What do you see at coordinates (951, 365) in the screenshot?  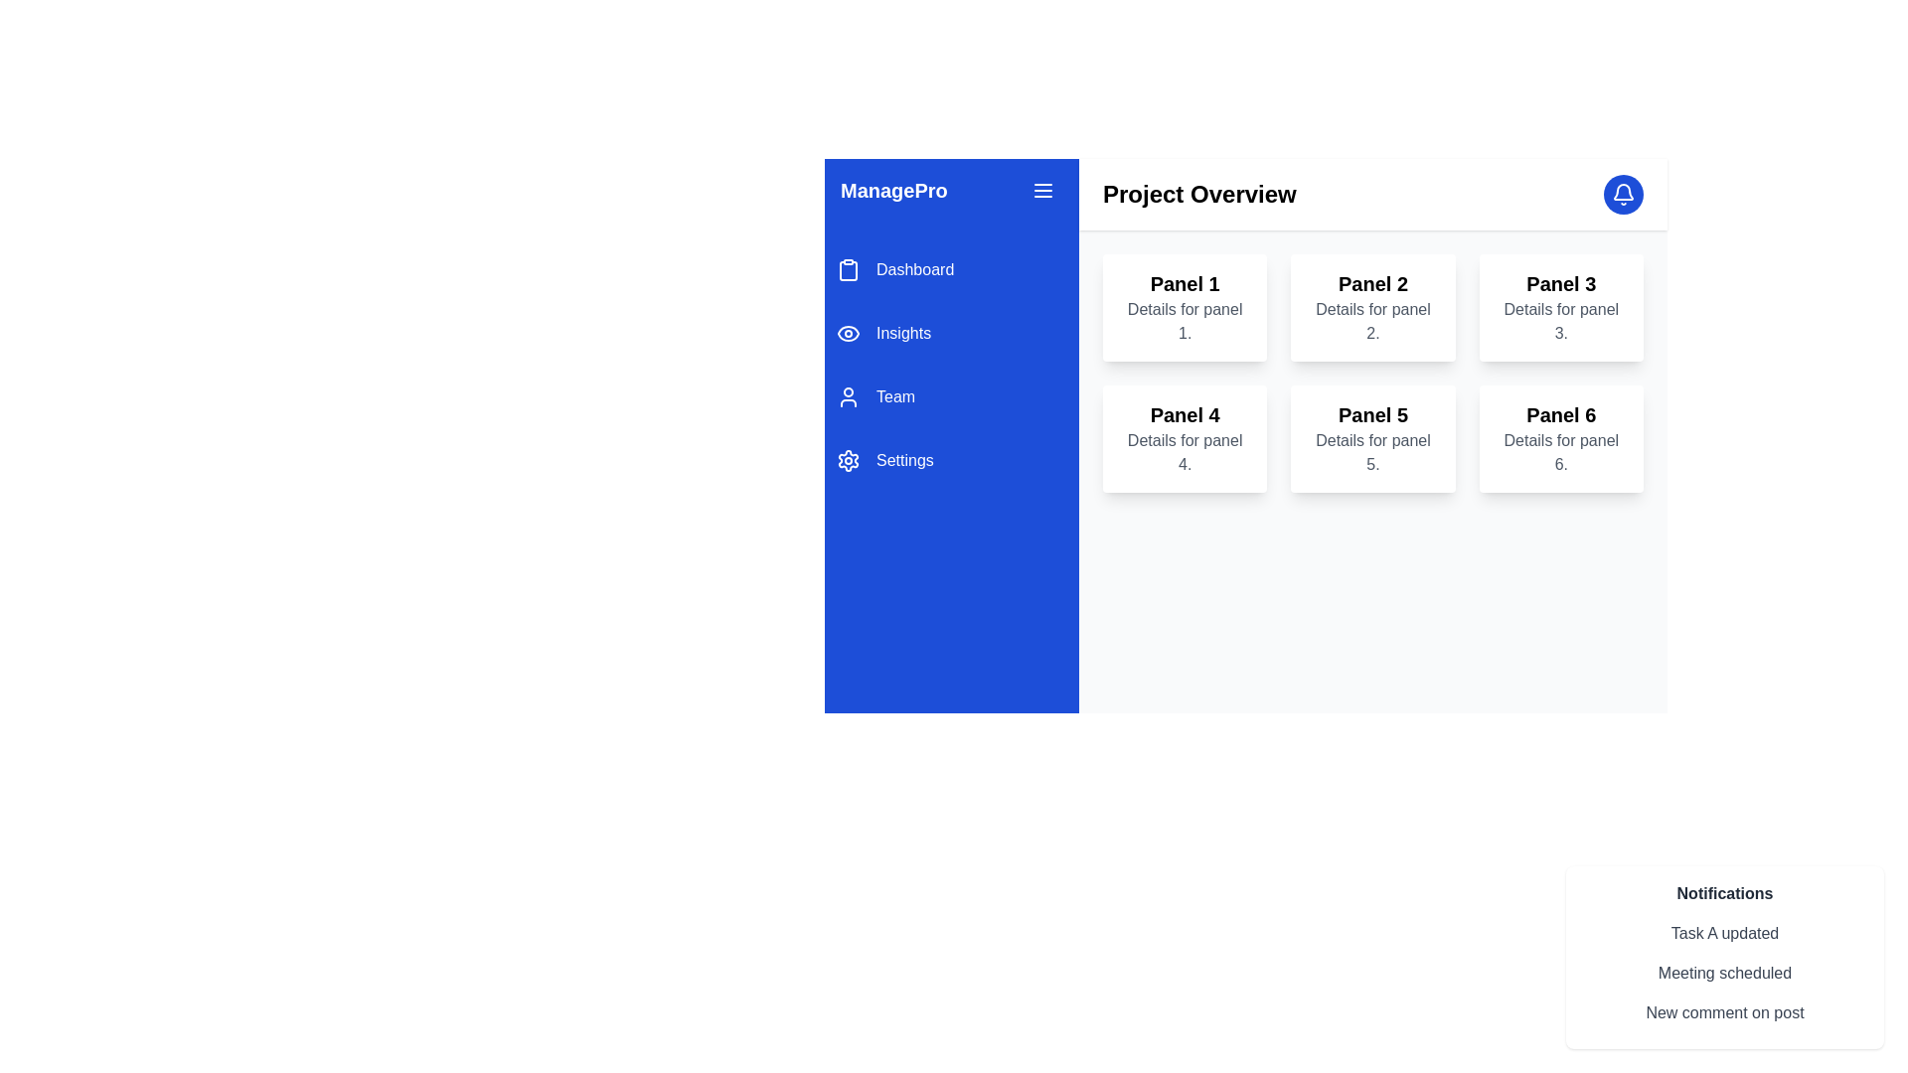 I see `the 'Team' section of the vertical navigation menu located in the blue sidebar` at bounding box center [951, 365].